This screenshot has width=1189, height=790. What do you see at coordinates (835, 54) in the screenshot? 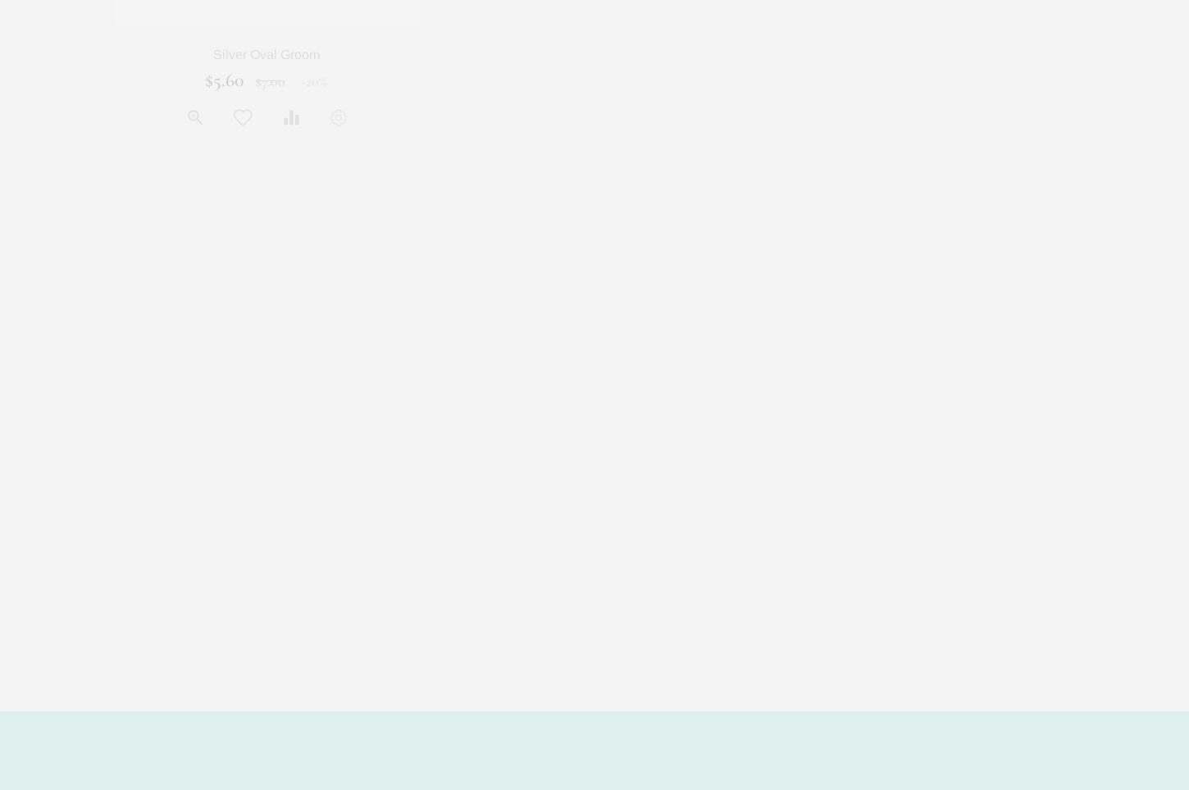
I see `'Angel Formal Dress Women's'` at bounding box center [835, 54].